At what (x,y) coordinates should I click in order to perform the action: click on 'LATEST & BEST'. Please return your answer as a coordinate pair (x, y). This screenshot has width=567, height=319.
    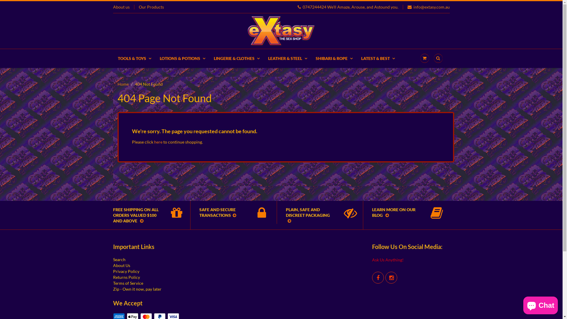
    Looking at the image, I should click on (377, 58).